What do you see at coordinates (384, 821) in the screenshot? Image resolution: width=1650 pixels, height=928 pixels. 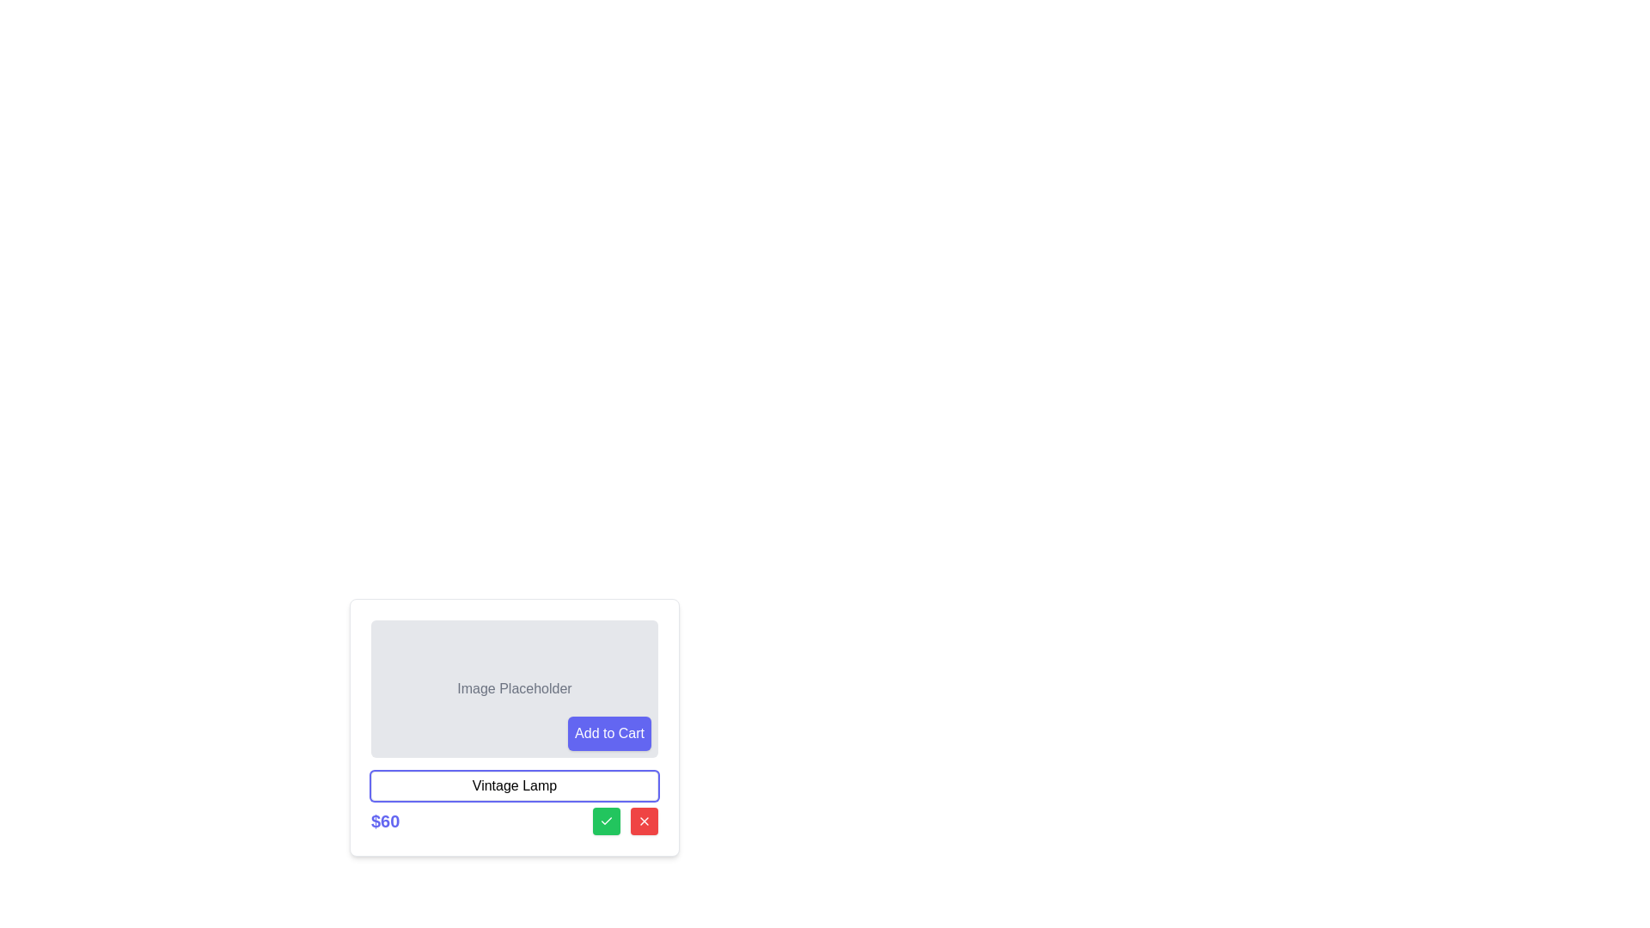 I see `the text label displaying the price value '$60', located on the far left side of the bottom section of the interface, near approval and rejection buttons` at bounding box center [384, 821].